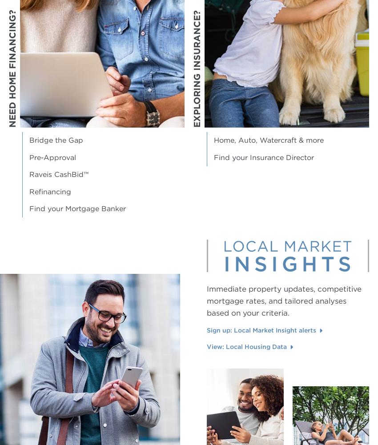  I want to click on 'Exploring Insurance?', so click(197, 68).